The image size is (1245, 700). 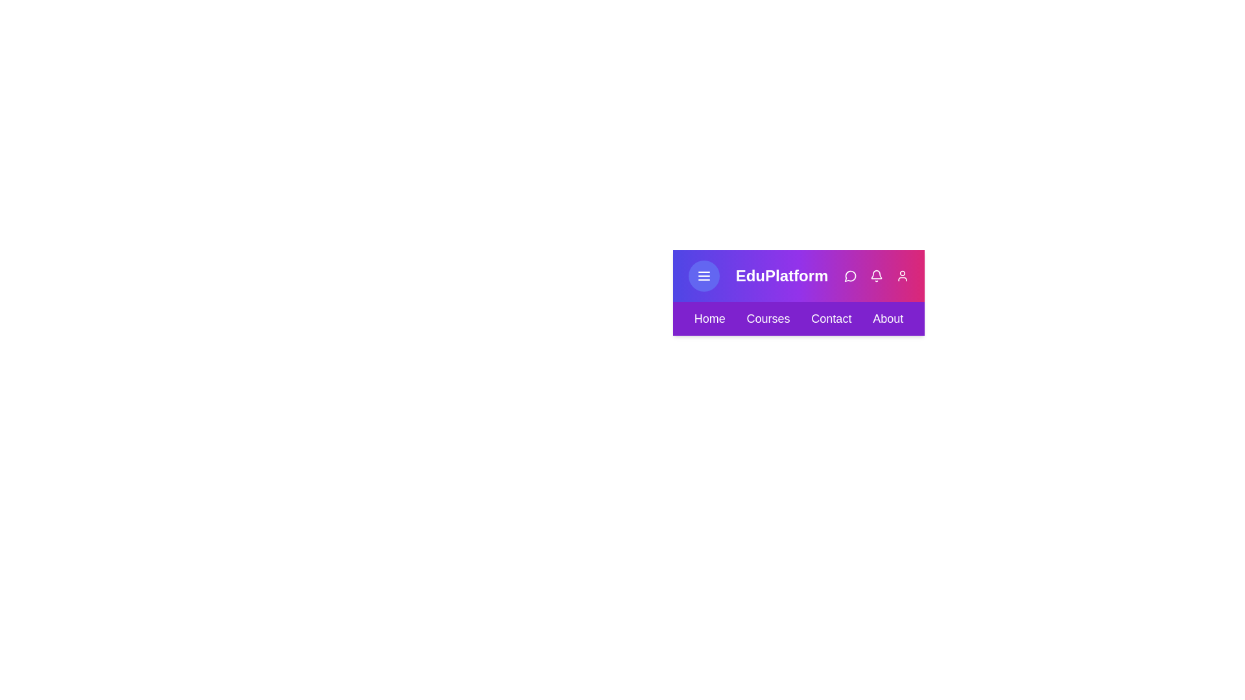 What do you see at coordinates (902, 275) in the screenshot?
I see `the user icon in the action bar` at bounding box center [902, 275].